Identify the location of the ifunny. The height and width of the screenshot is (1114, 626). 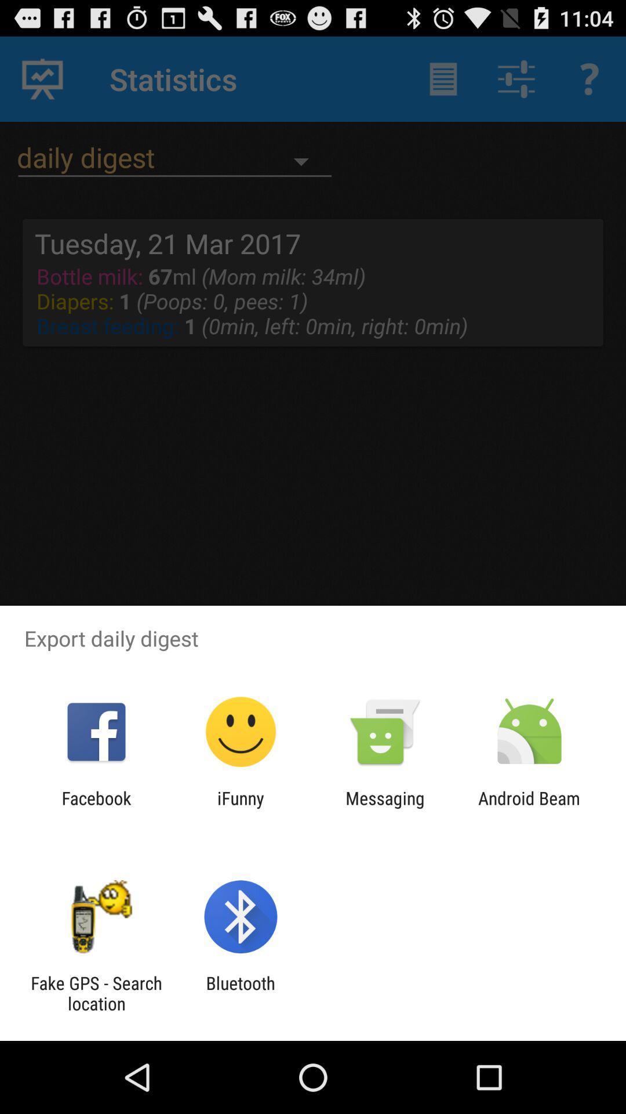
(240, 808).